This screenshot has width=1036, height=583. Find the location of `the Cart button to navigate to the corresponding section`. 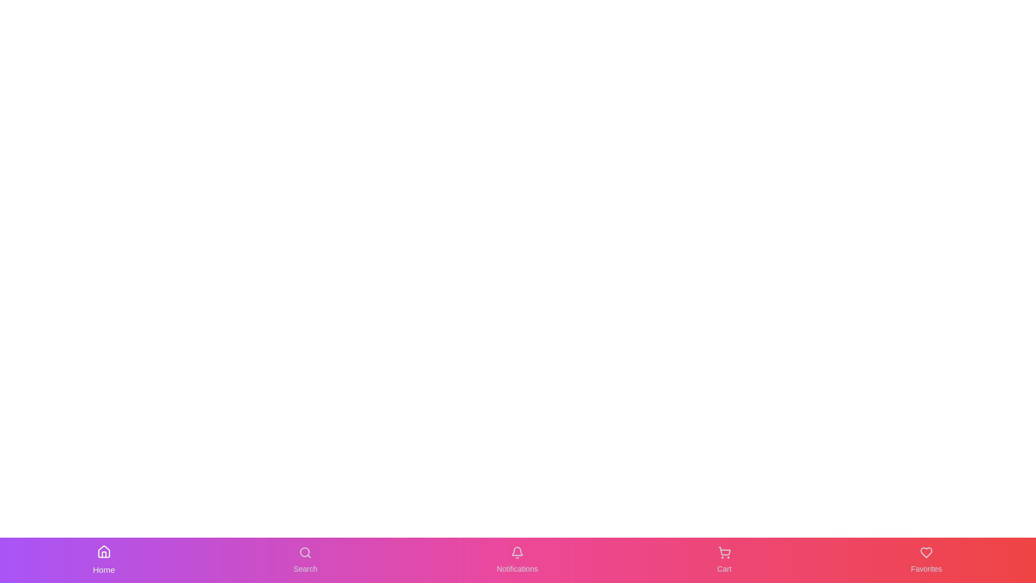

the Cart button to navigate to the corresponding section is located at coordinates (724, 559).